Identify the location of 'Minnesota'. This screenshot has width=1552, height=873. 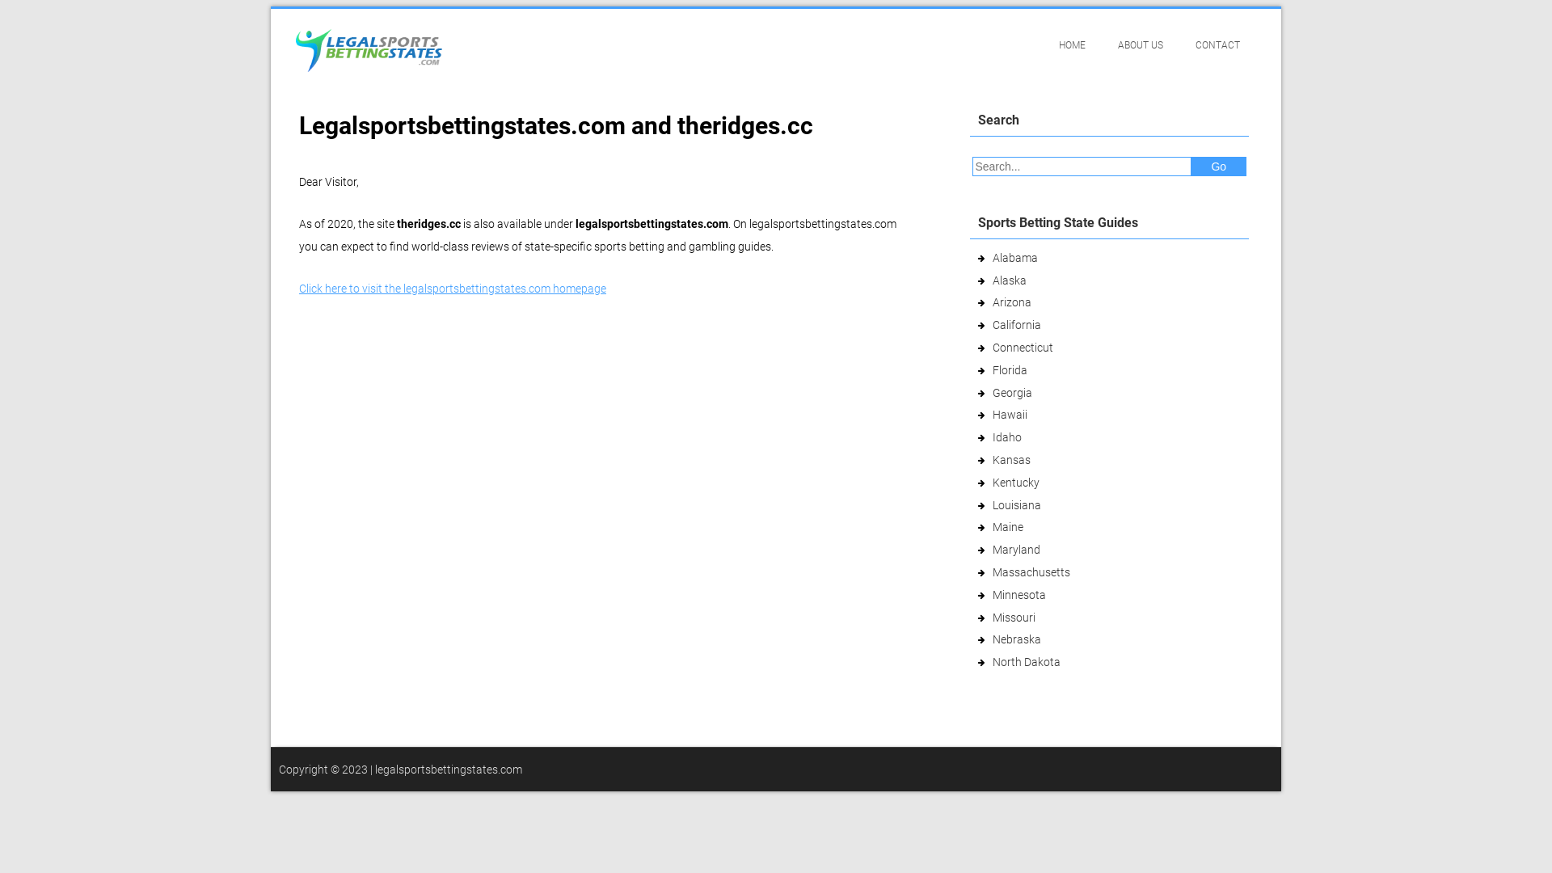
(1018, 595).